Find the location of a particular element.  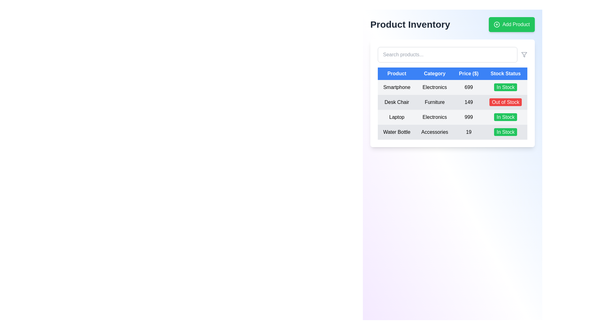

the fourth header cell of the table, which indicates the stock status of items listed below is located at coordinates (506, 73).